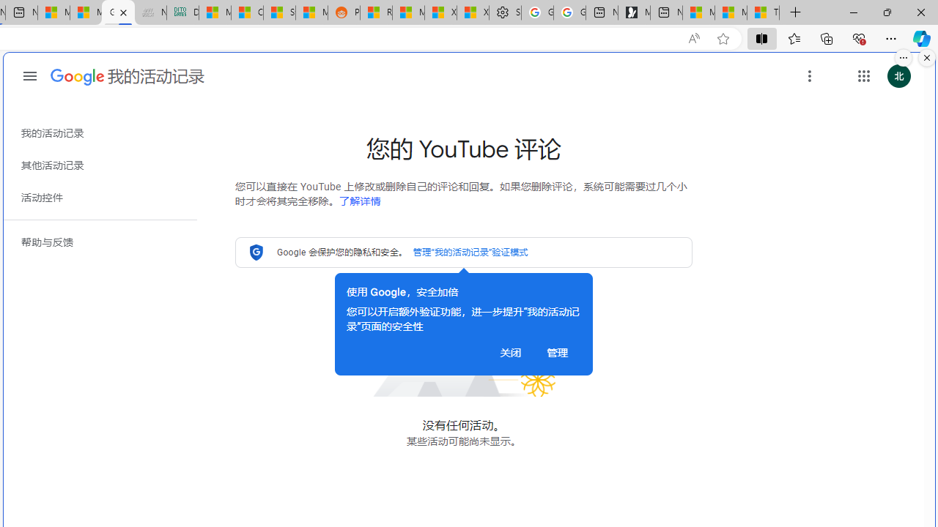 This screenshot has width=938, height=527. Describe the element at coordinates (863, 76) in the screenshot. I see `'Class: gb_E'` at that location.